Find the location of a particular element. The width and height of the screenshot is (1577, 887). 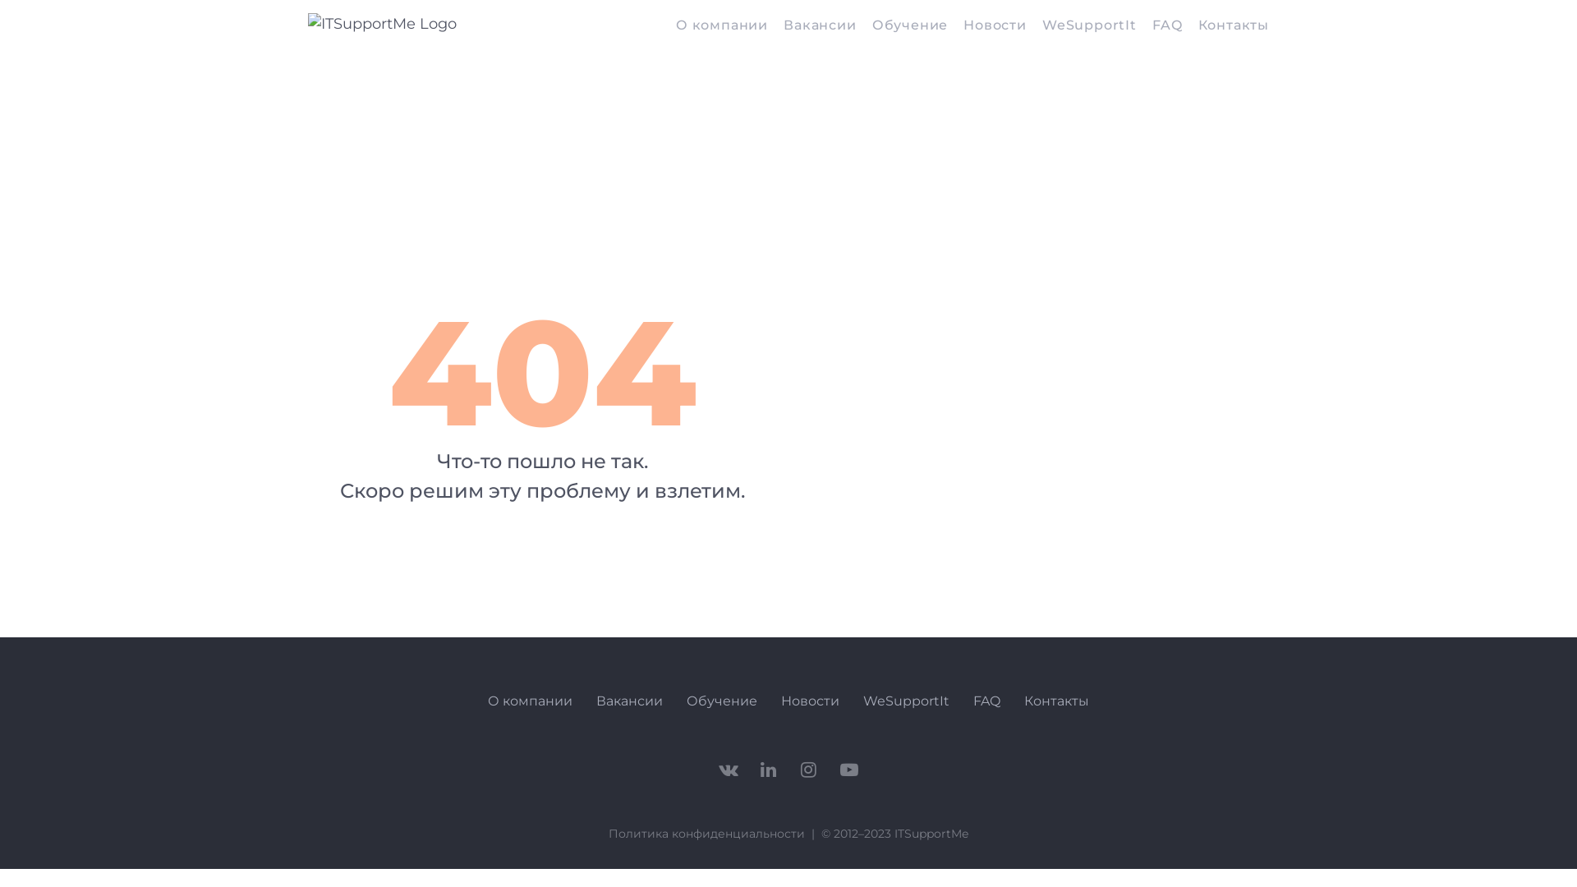

'FAQ' is located at coordinates (1166, 26).